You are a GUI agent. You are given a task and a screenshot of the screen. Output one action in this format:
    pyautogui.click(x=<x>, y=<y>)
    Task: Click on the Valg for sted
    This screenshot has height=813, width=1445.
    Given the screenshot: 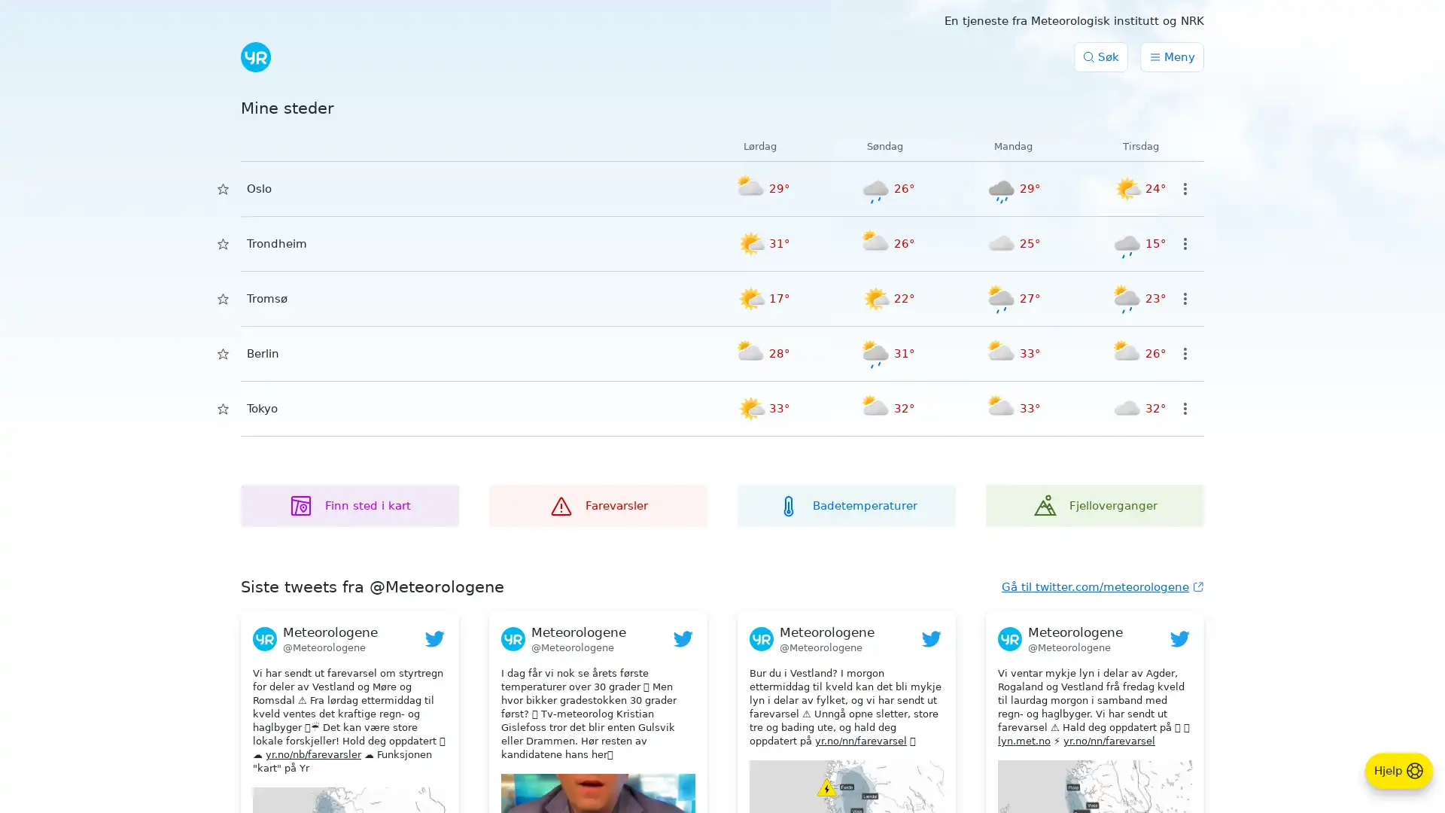 What is the action you would take?
    pyautogui.click(x=1184, y=409)
    